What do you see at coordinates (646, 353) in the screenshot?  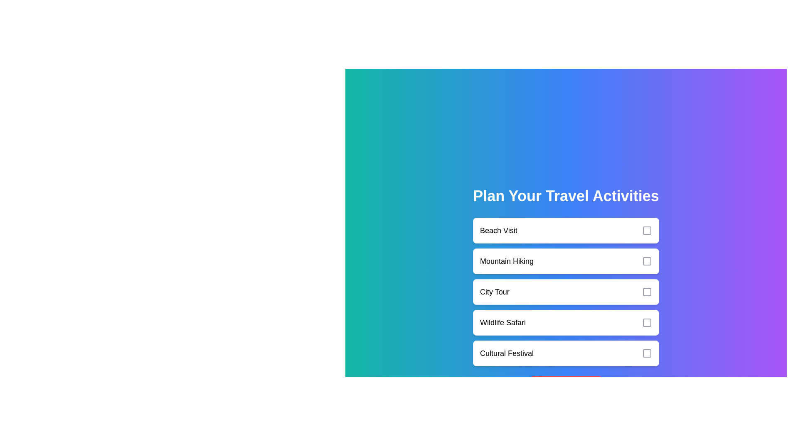 I see `the checkbox corresponding to Cultural Festival to toggle its selection` at bounding box center [646, 353].